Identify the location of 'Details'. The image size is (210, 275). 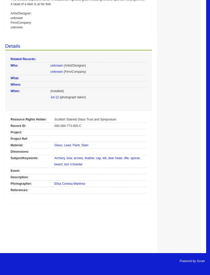
(12, 45).